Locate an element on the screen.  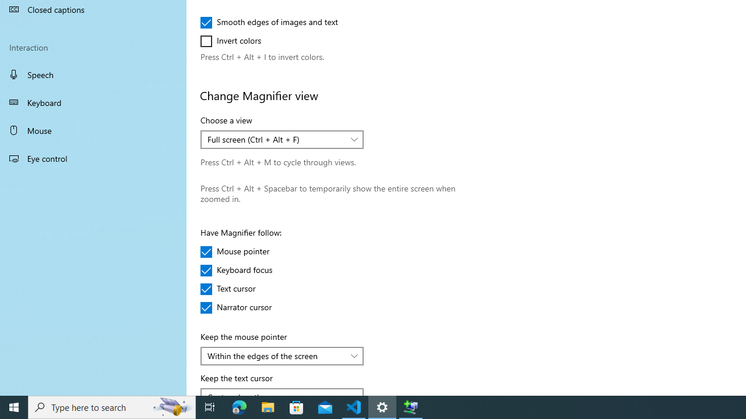
'Microsoft Store' is located at coordinates (297, 406).